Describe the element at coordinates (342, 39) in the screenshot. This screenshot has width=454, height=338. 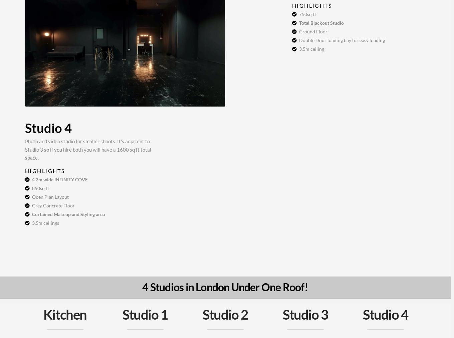
I see `'Double Door loading bay for easy loading'` at that location.